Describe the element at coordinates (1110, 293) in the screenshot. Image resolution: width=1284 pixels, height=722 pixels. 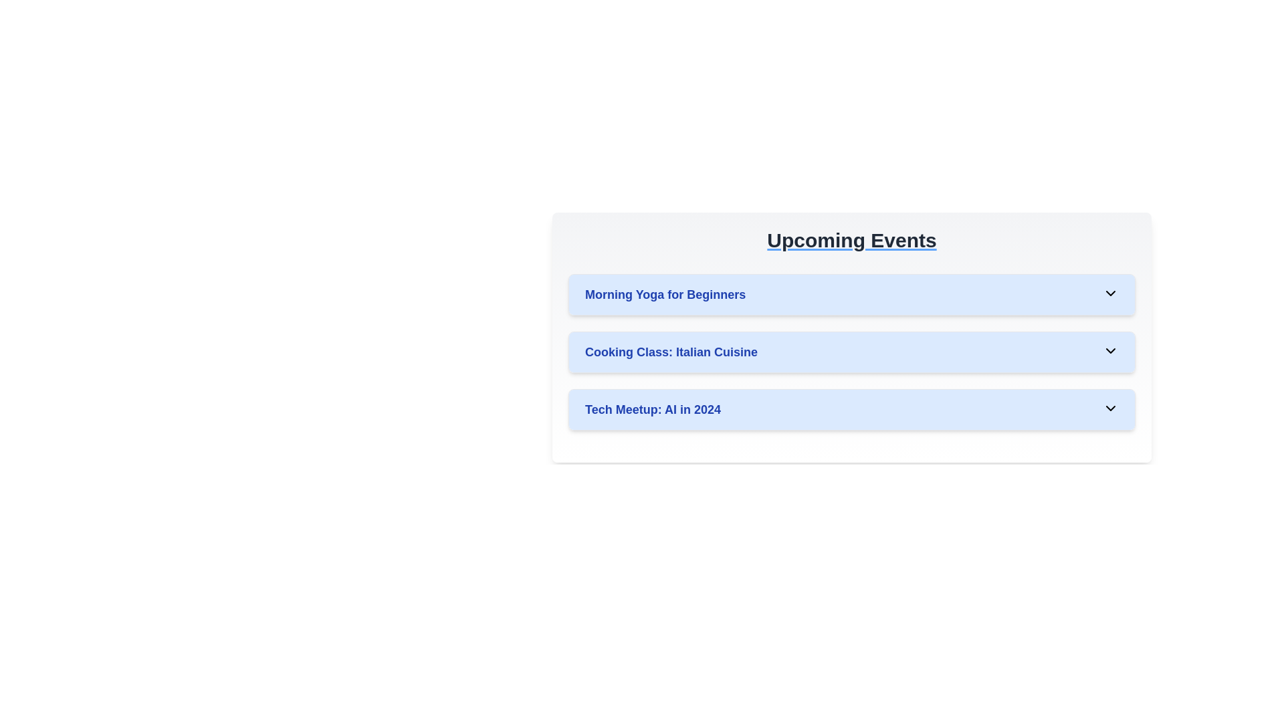
I see `the Toggle icon (chevron-down) located on the far right of the 'Morning Yoga for Beginners' section` at that location.